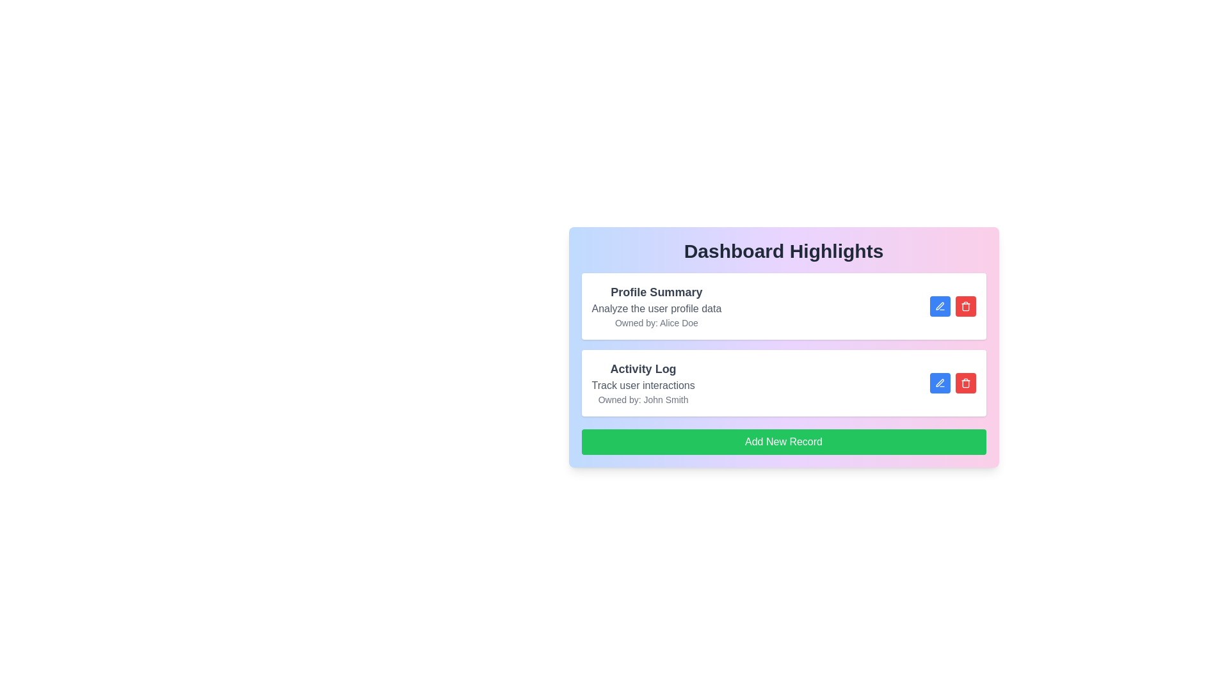 The height and width of the screenshot is (691, 1229). Describe the element at coordinates (965, 306) in the screenshot. I see `the delete button with a rounded rectangular shape, red background, and white trash bin icon, located to the right of the blue edit button in the second row of the Activity Log section in the Dashboard Highlights widget` at that location.